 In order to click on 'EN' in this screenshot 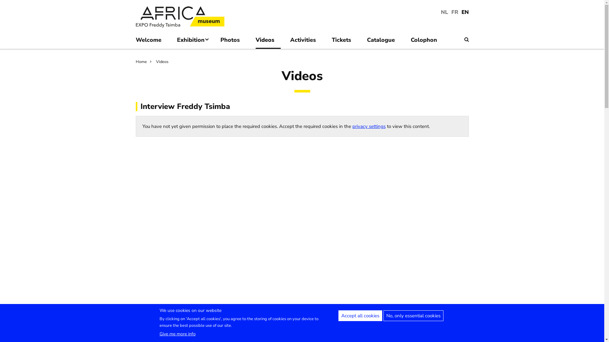, I will do `click(465, 12)`.